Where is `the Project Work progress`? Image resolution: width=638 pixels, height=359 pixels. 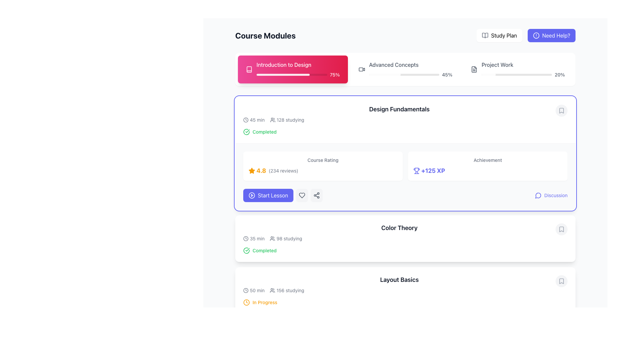
the Project Work progress is located at coordinates (534, 74).